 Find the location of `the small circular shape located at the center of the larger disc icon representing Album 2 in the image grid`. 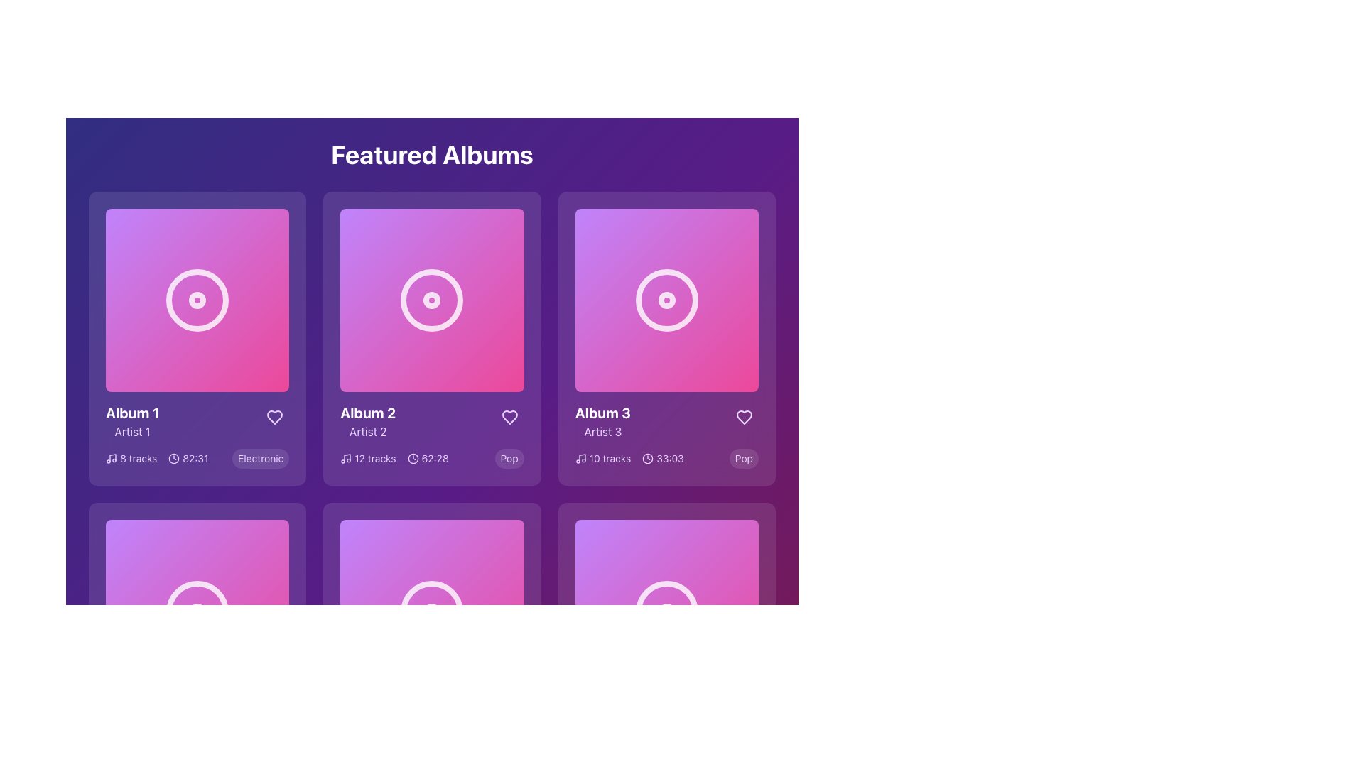

the small circular shape located at the center of the larger disc icon representing Album 2 in the image grid is located at coordinates (431, 611).